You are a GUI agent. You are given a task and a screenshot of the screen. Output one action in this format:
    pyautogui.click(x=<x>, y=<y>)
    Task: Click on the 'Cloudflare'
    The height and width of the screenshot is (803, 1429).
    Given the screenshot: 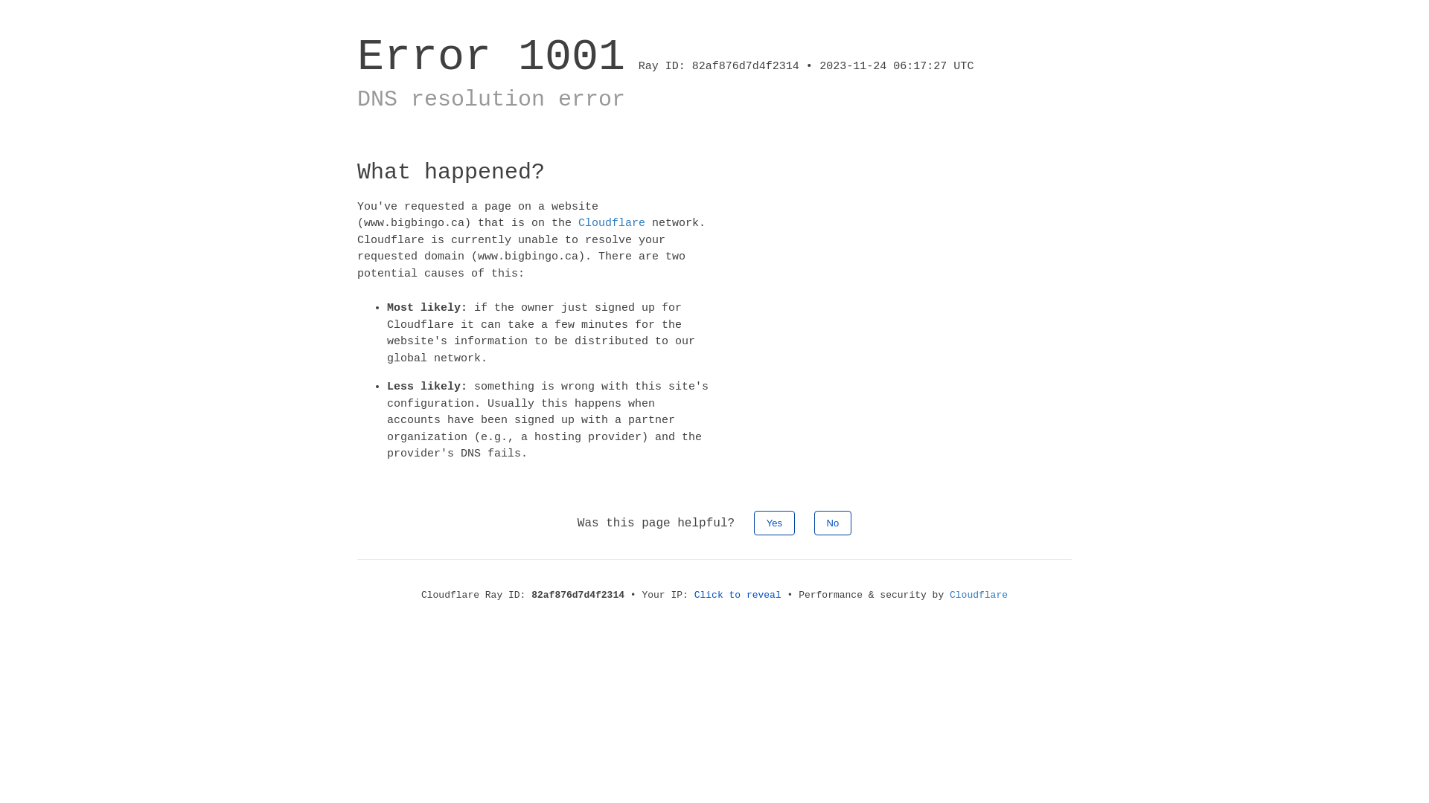 What is the action you would take?
    pyautogui.click(x=949, y=593)
    